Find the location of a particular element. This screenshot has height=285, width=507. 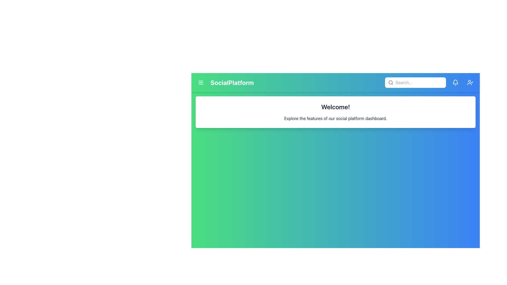

the stylized bell icon representing notifications located at the far-right section of the top navigation bar is located at coordinates (455, 82).